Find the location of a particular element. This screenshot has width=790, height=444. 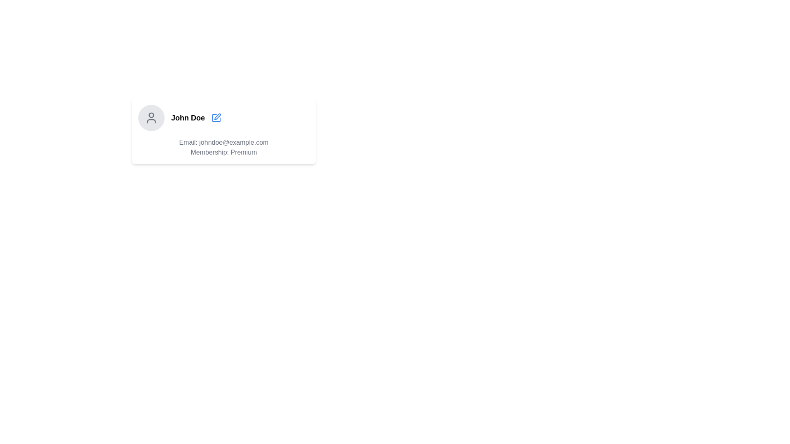

the blue pen icon located to the right of the name 'John Doe' to initiate editing is located at coordinates (217, 117).